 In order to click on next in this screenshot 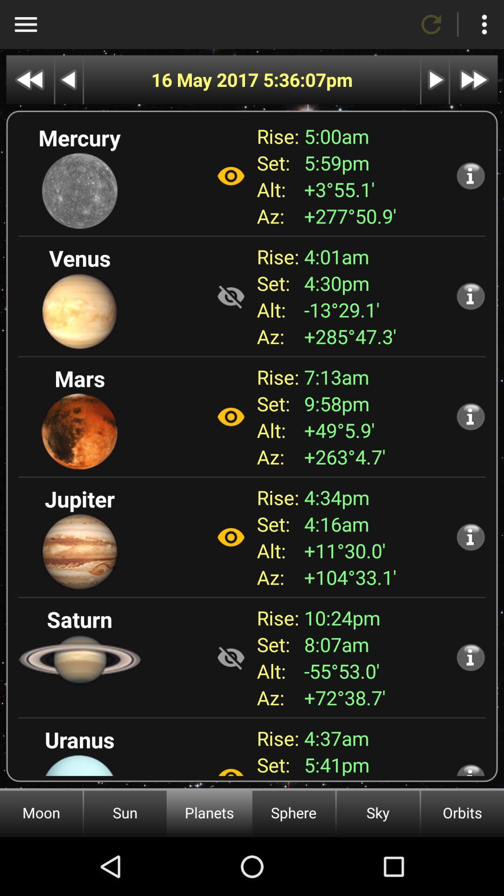, I will do `click(435, 80)`.